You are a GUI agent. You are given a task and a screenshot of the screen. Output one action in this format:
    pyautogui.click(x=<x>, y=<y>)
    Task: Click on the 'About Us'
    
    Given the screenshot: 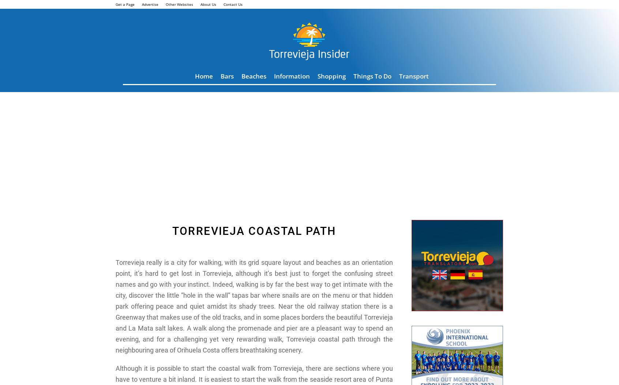 What is the action you would take?
    pyautogui.click(x=208, y=4)
    